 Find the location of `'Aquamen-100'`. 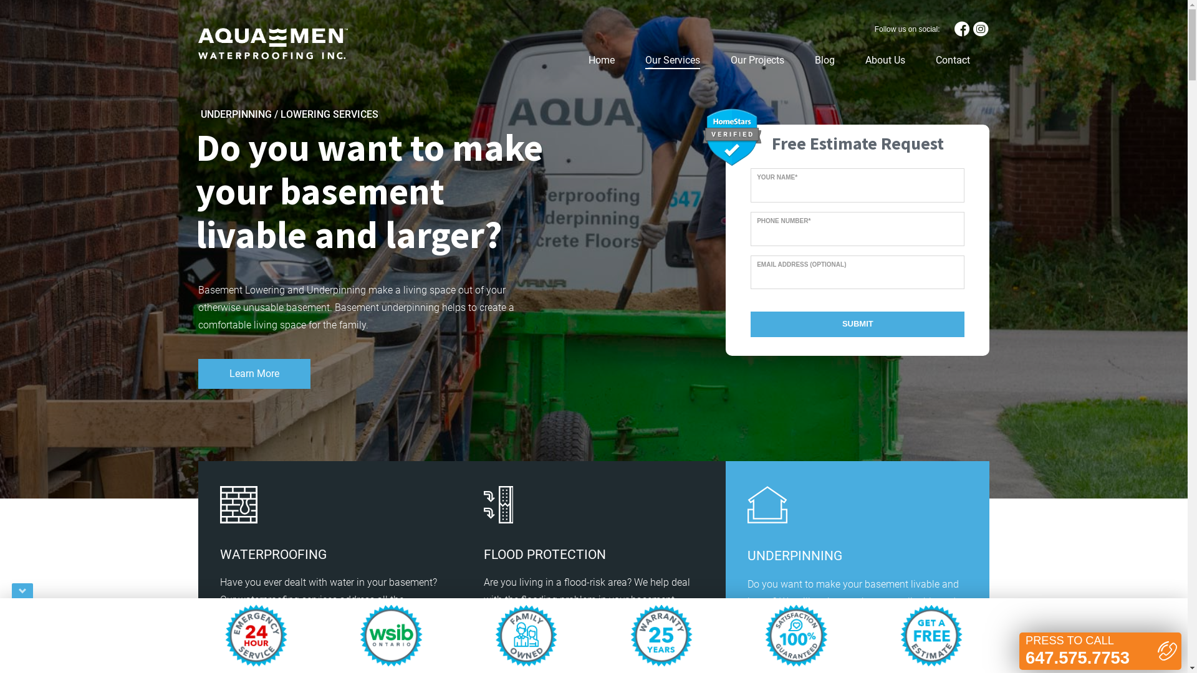

'Aquamen-100' is located at coordinates (795, 635).